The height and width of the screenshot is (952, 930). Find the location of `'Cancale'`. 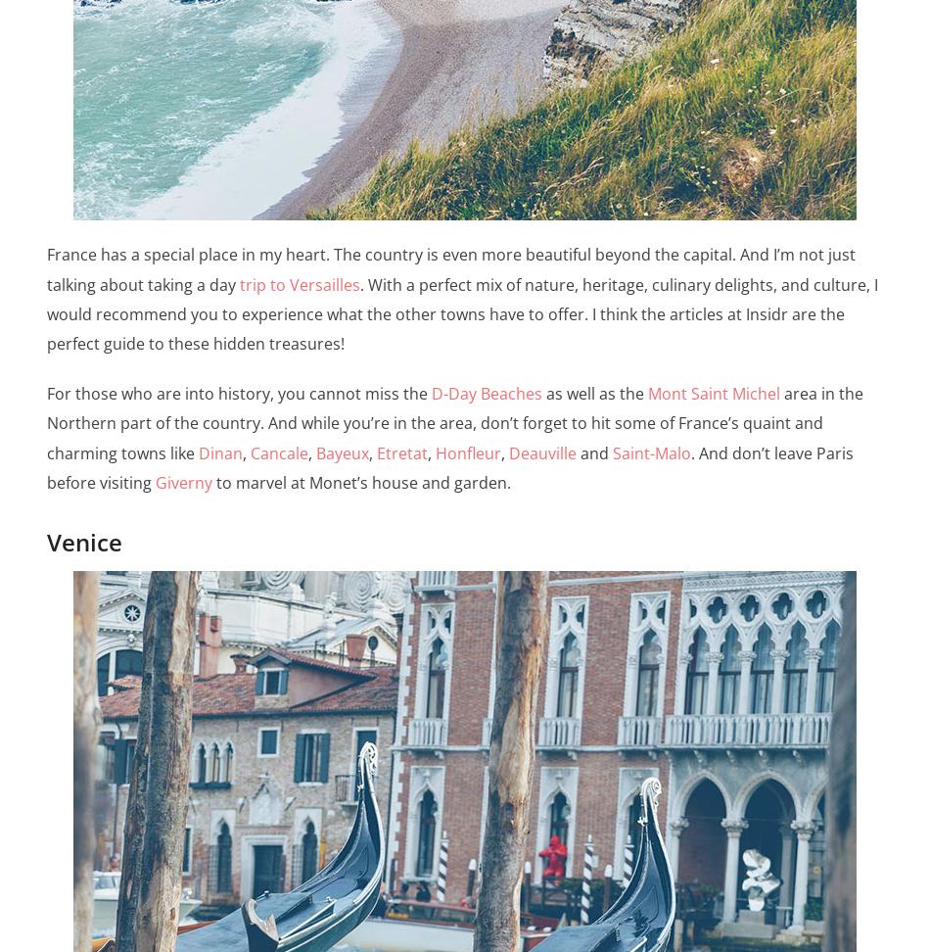

'Cancale' is located at coordinates (277, 451).